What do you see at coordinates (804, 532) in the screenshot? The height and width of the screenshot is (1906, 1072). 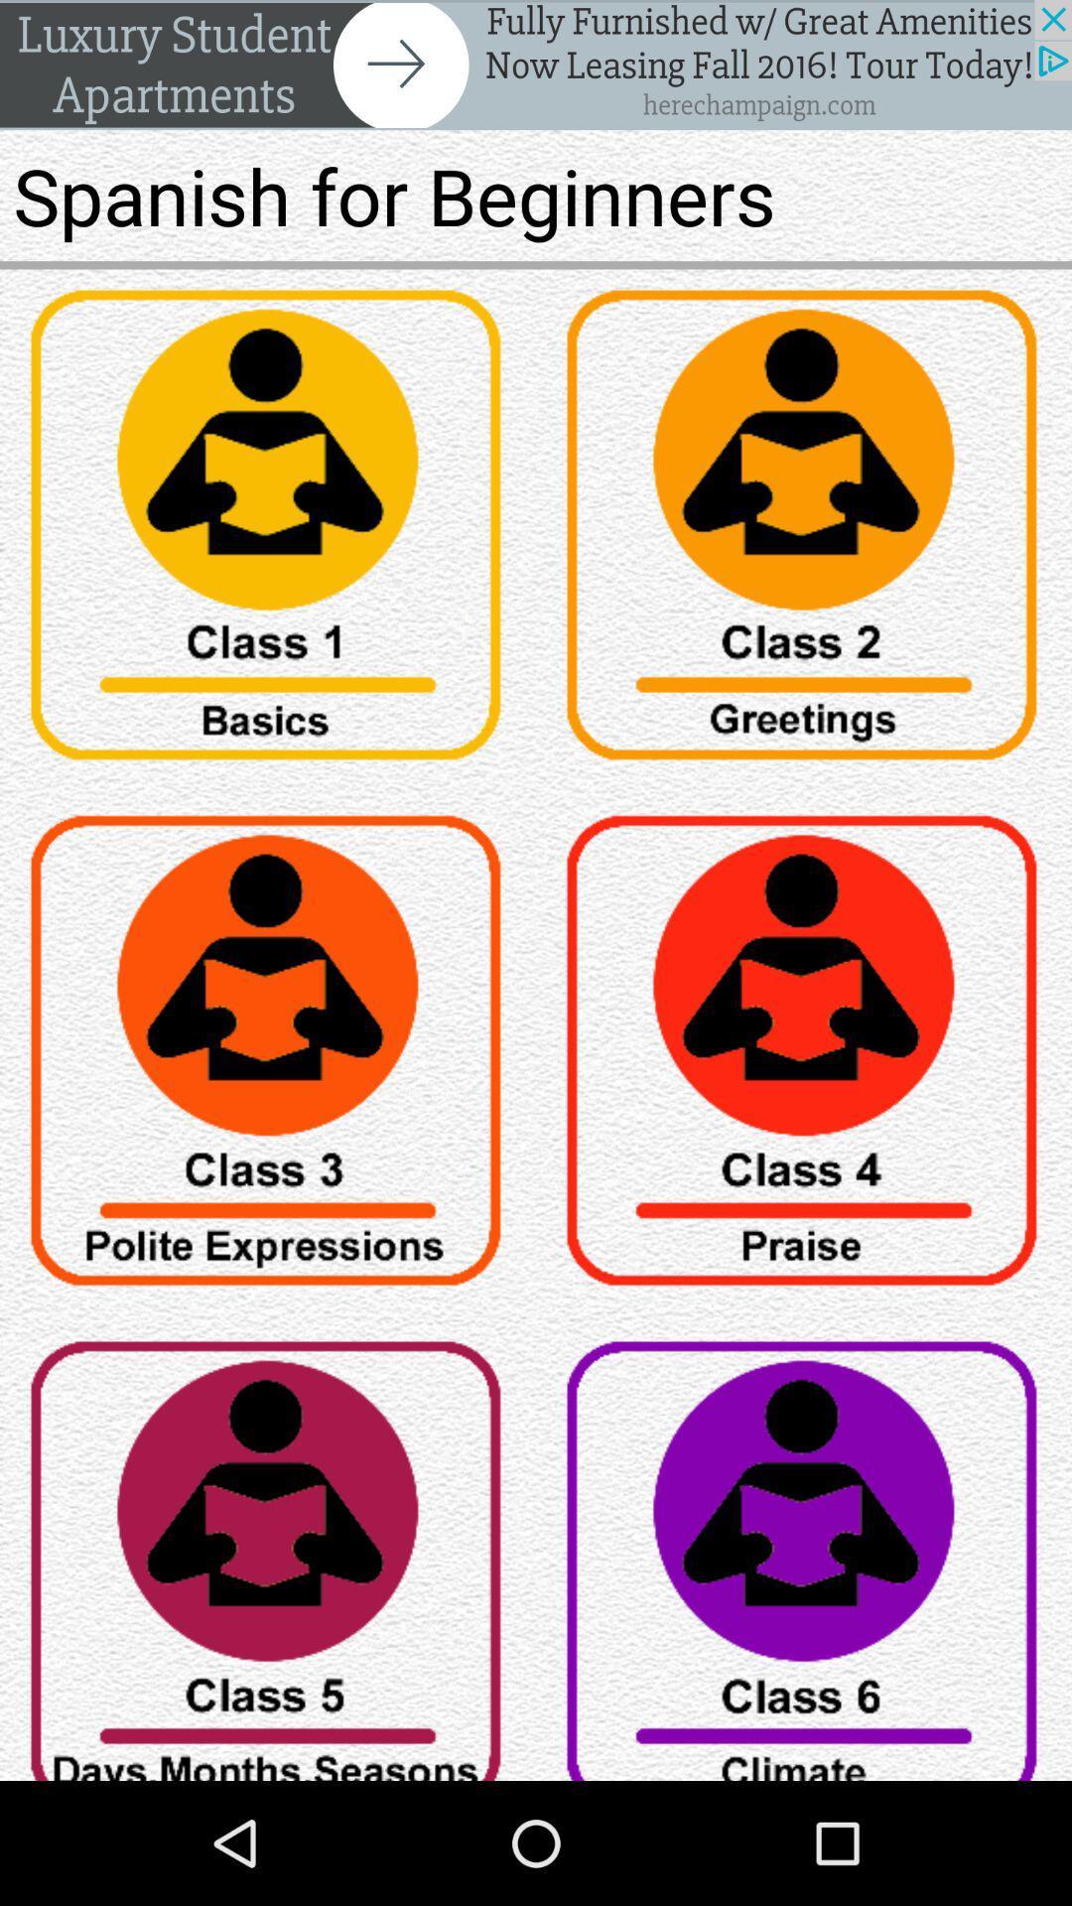 I see `tag` at bounding box center [804, 532].